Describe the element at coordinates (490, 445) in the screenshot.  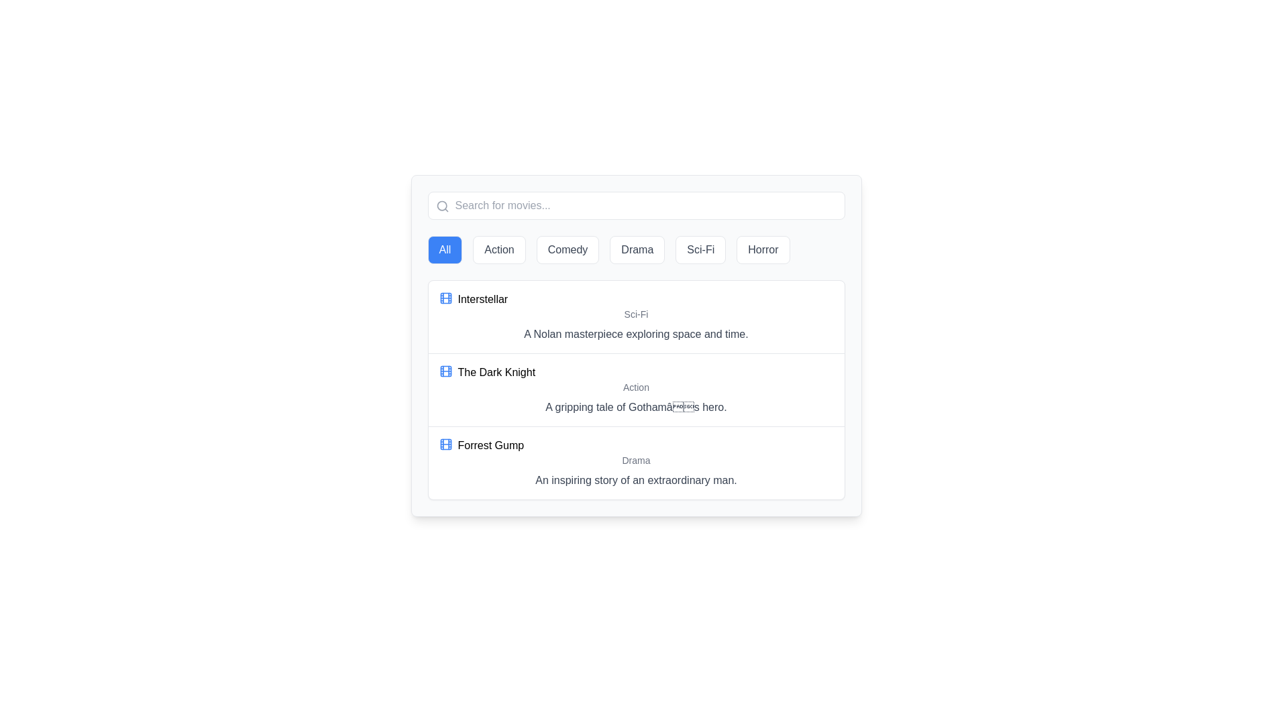
I see `text label displaying the movie title located in the third section of the movie list, positioned to the right of the film reel icon` at that location.